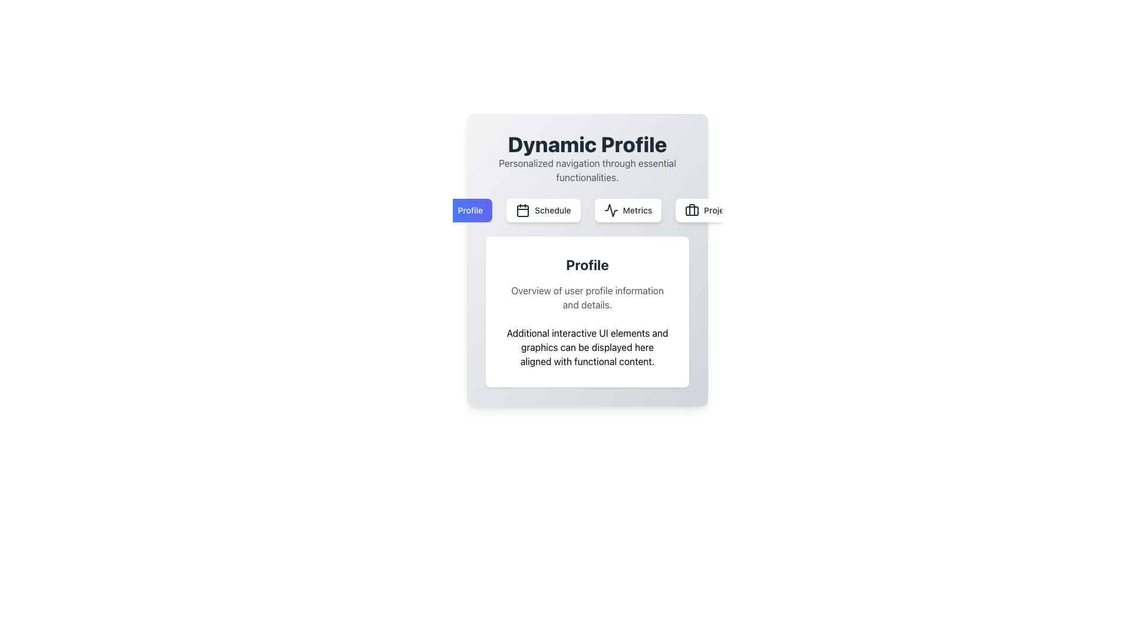 The image size is (1132, 637). I want to click on the profile navigation button for keyboard interaction, so click(460, 210).